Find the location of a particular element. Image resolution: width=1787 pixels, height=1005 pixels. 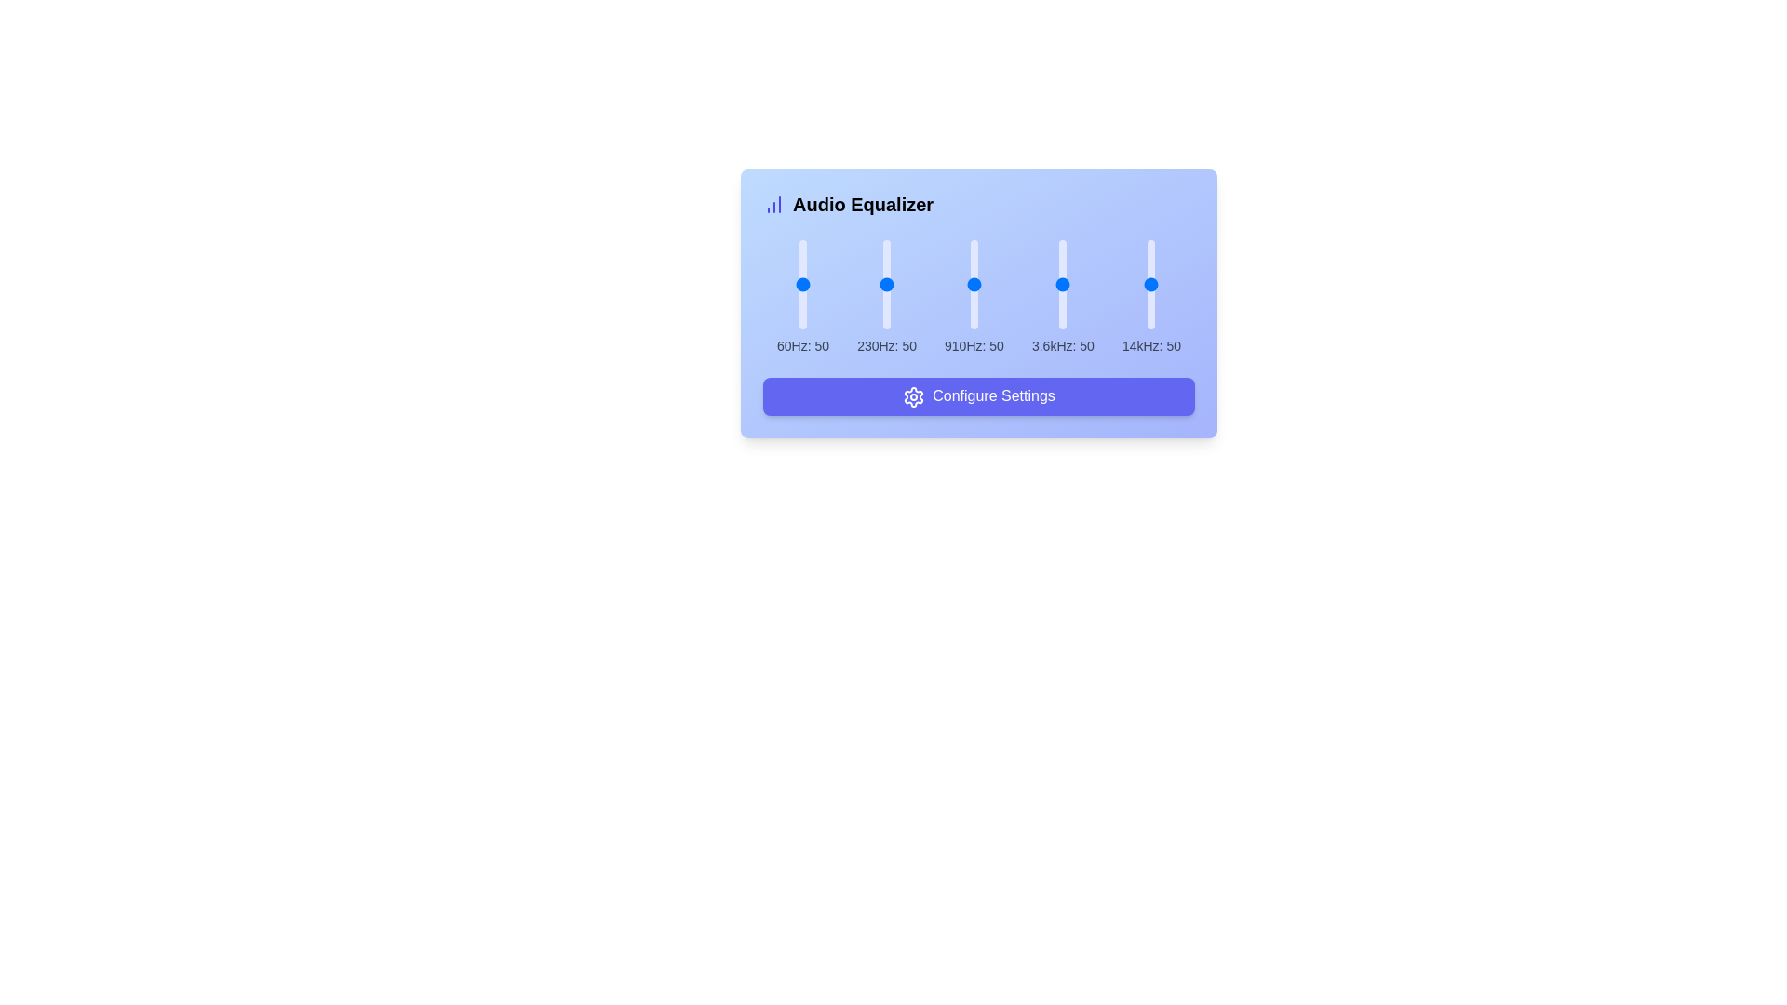

the slider value is located at coordinates (1150, 243).